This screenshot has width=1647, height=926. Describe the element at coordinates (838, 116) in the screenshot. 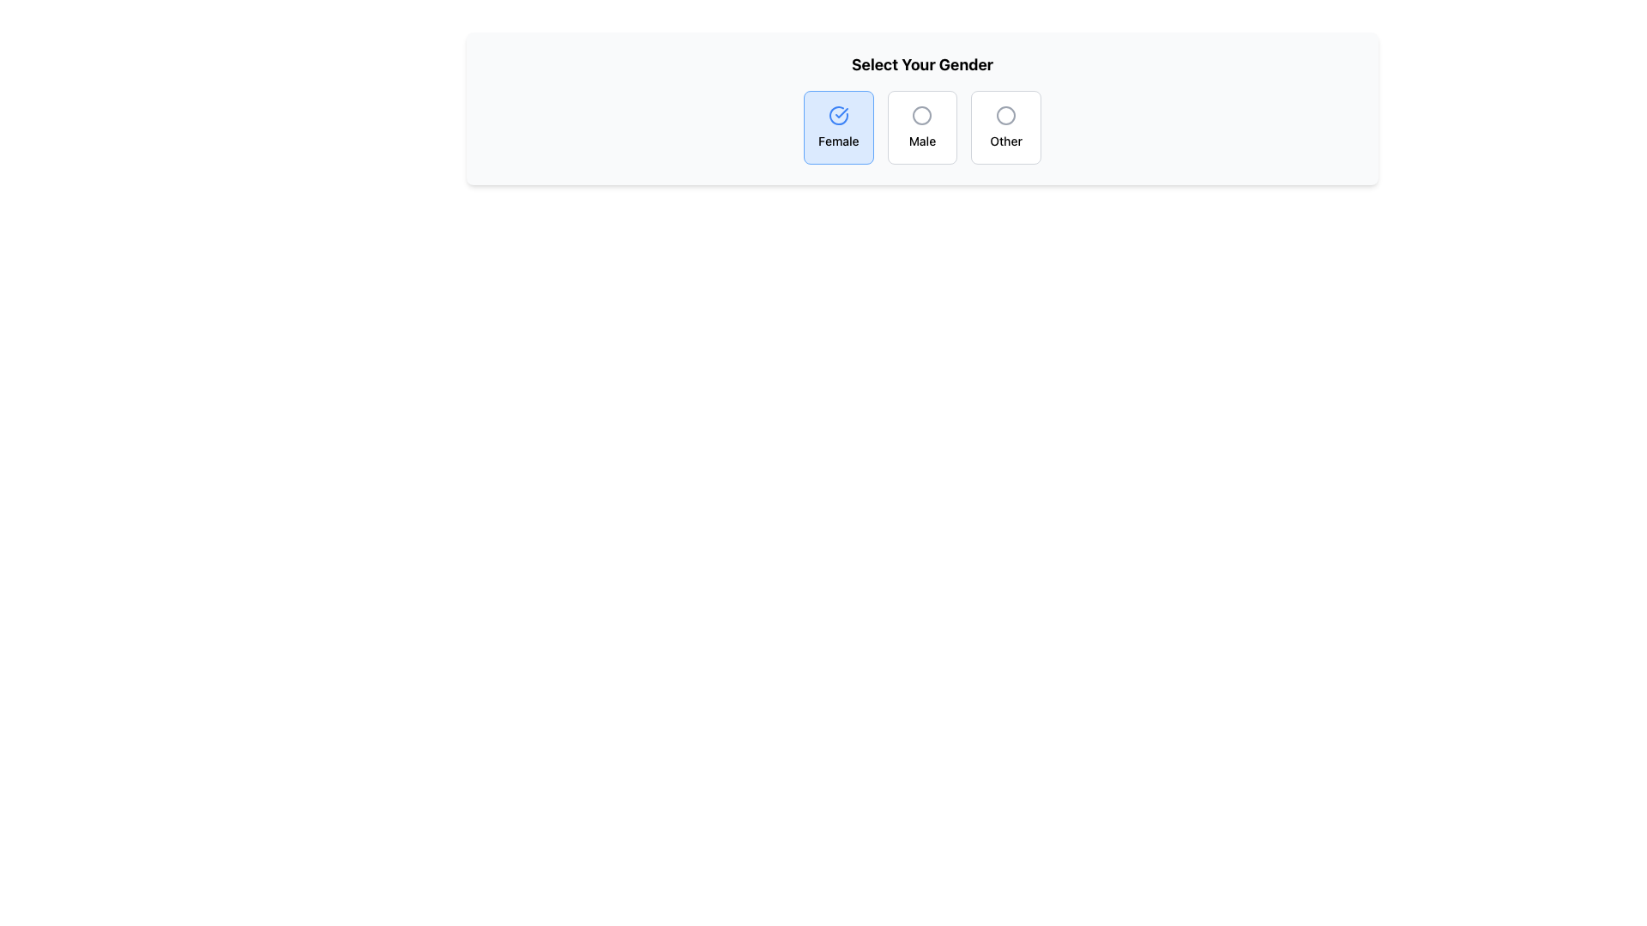

I see `the circular blue check mark icon located at the top-center of the 'Female' button` at that location.